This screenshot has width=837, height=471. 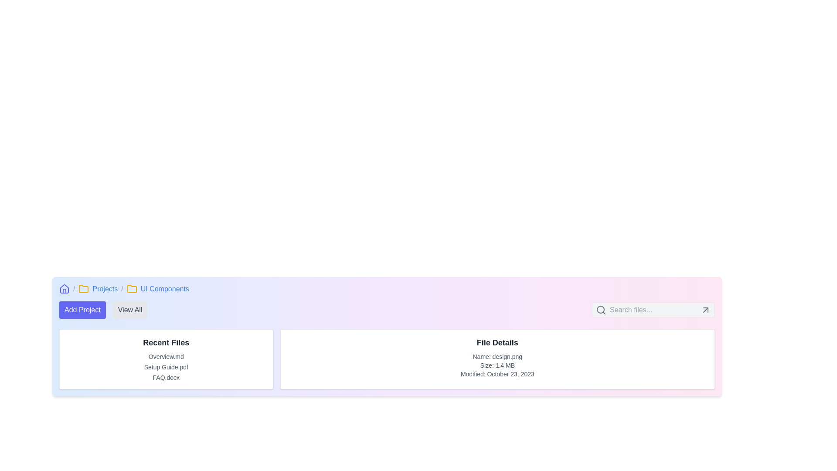 What do you see at coordinates (64, 289) in the screenshot?
I see `the home page navigation icon located at the top-left corner of the breadcrumb navigation bar to indicate selection` at bounding box center [64, 289].